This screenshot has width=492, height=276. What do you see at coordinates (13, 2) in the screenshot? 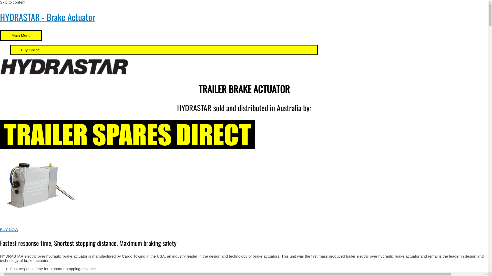
I see `'Skip to content'` at bounding box center [13, 2].